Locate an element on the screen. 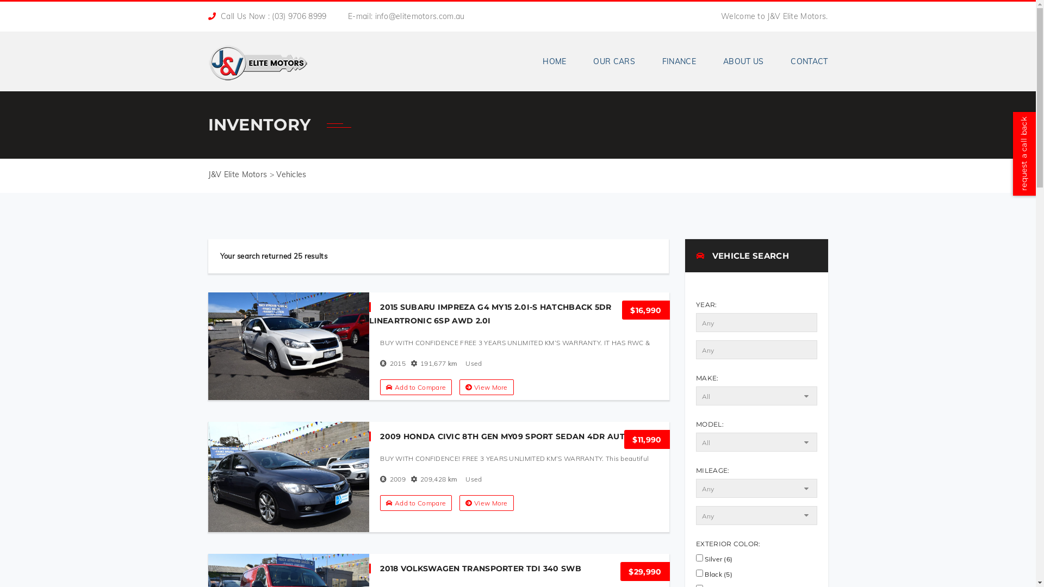  'OUR CARS' is located at coordinates (579, 61).